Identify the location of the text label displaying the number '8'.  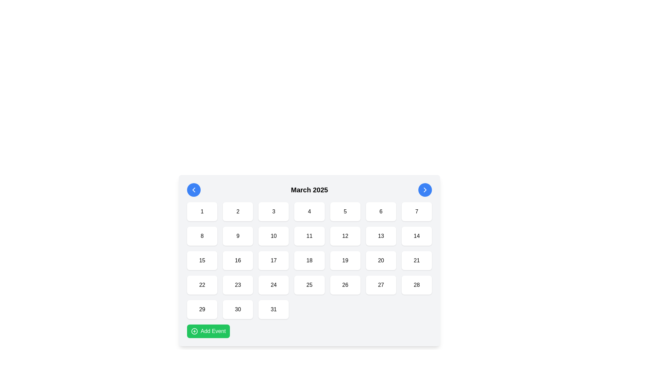
(202, 235).